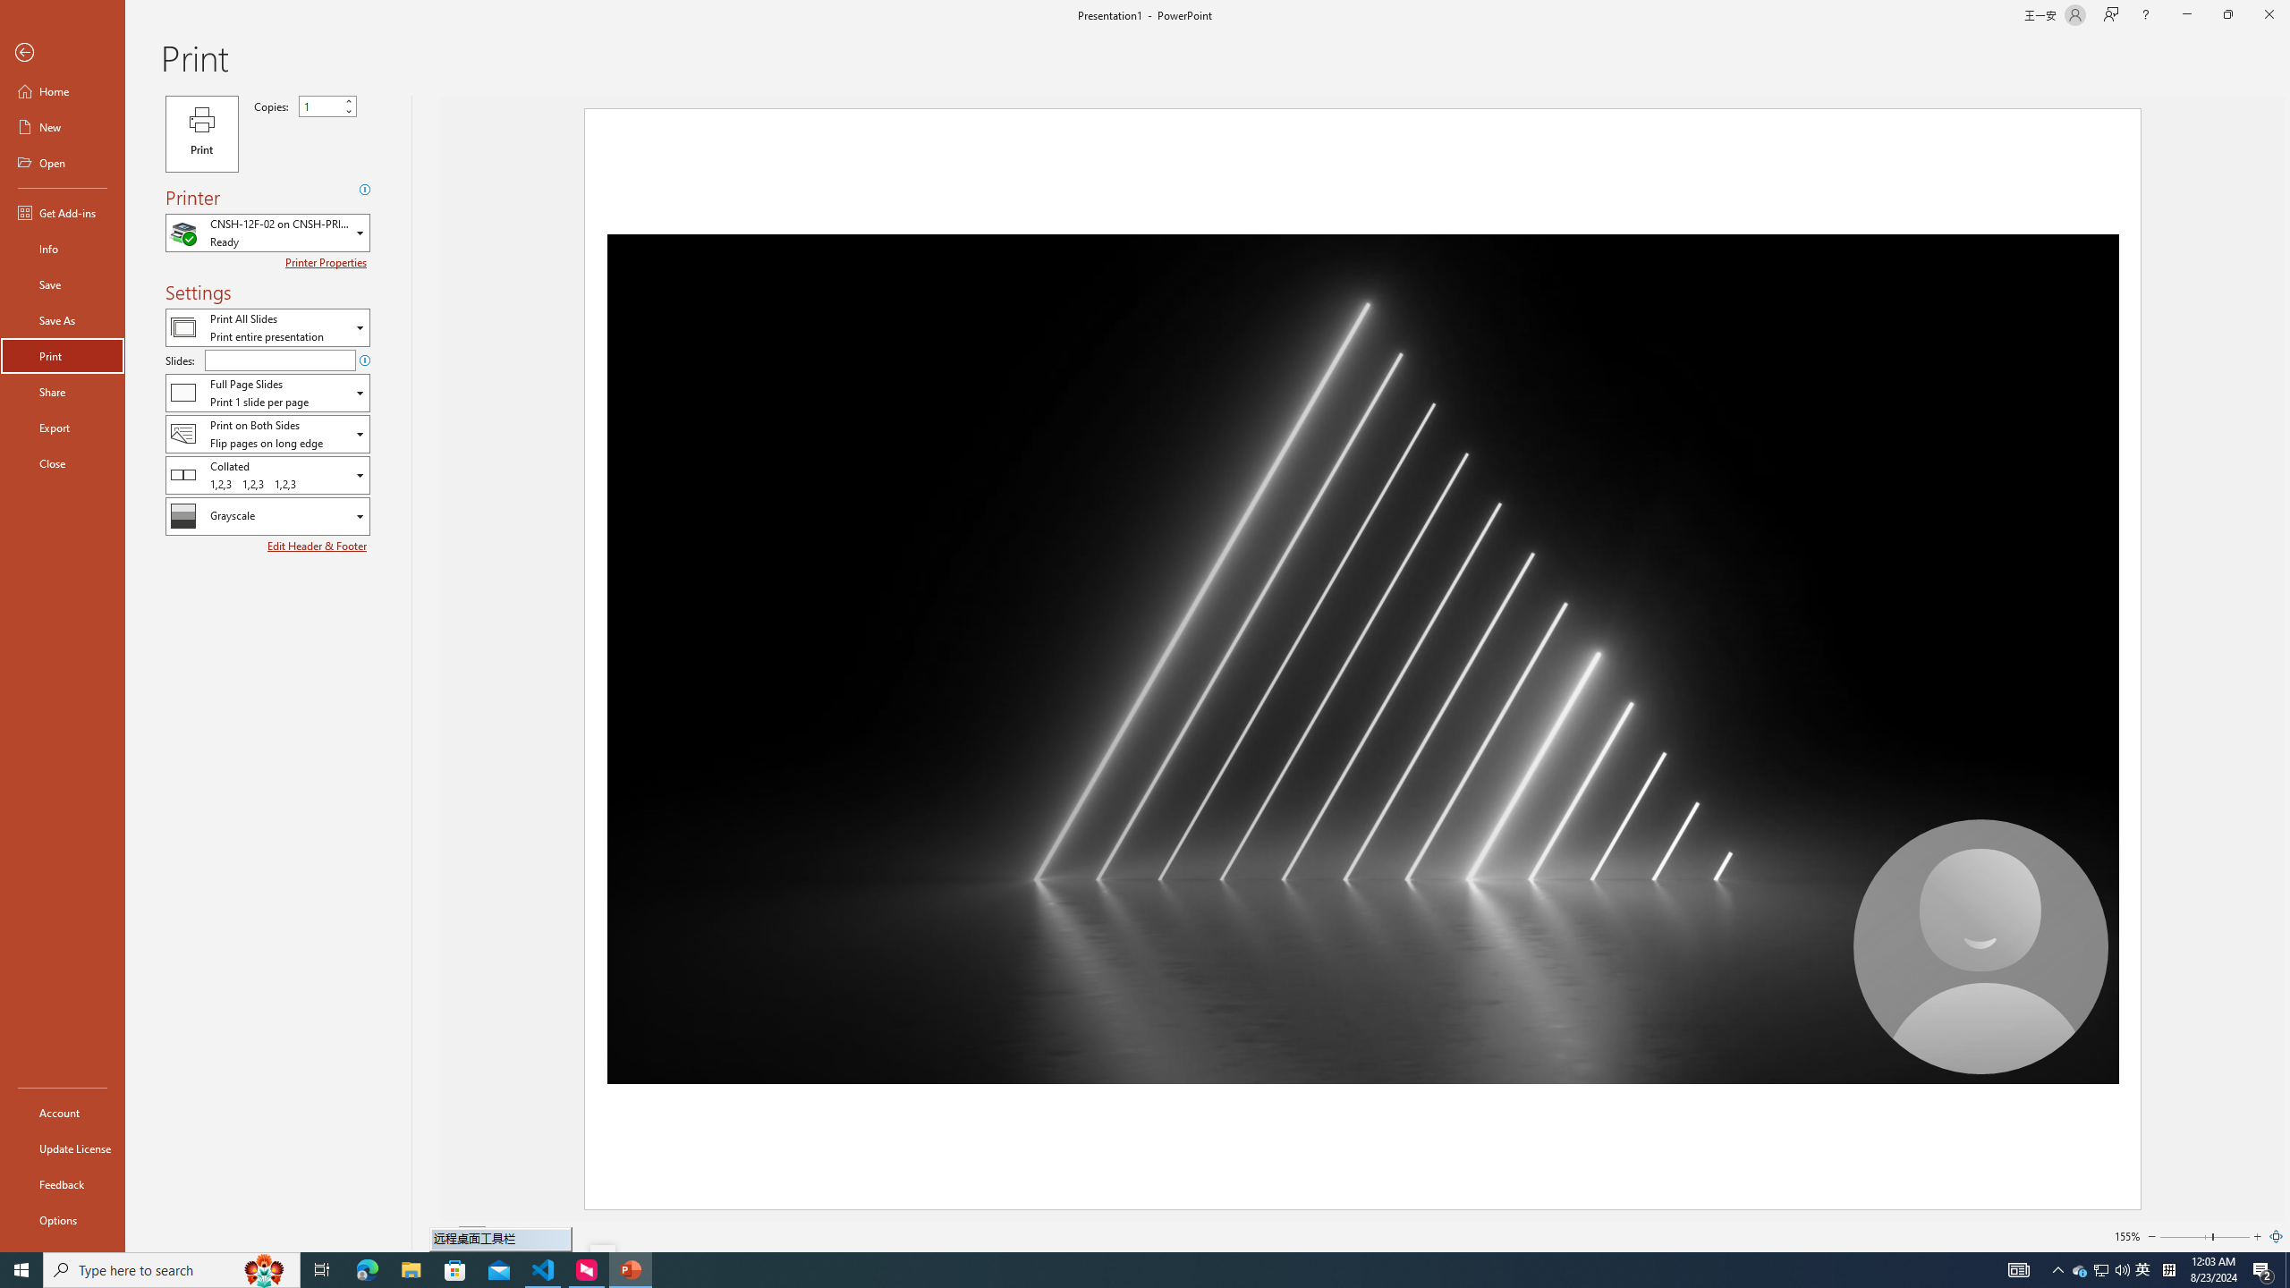  Describe the element at coordinates (62, 91) in the screenshot. I see `'Home'` at that location.